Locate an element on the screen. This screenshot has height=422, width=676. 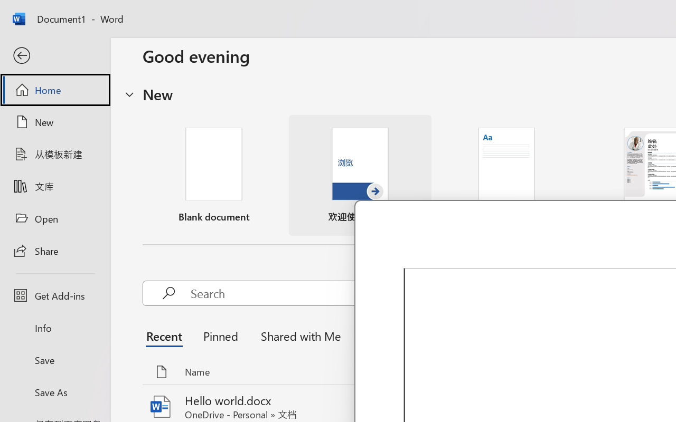
'Pinned' is located at coordinates (220, 335).